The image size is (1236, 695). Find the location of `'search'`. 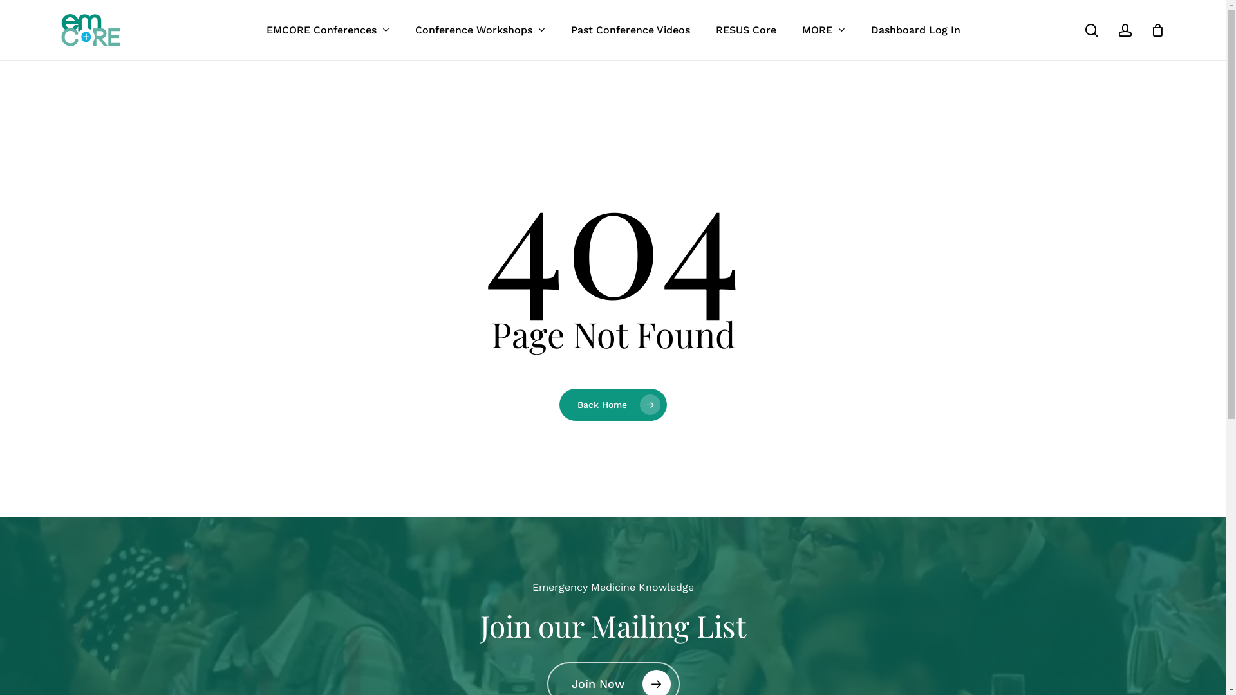

'search' is located at coordinates (1091, 29).